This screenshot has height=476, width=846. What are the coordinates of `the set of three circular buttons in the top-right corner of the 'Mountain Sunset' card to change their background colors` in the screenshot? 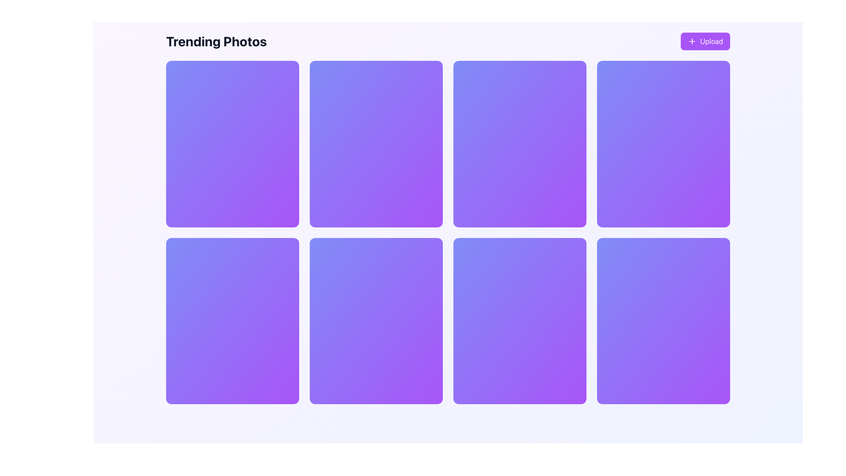 It's located at (267, 74).